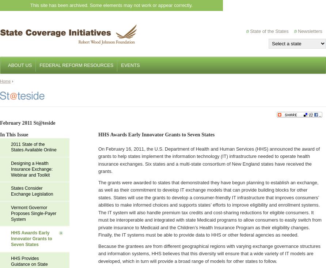  I want to click on 'Newsletters', so click(310, 31).